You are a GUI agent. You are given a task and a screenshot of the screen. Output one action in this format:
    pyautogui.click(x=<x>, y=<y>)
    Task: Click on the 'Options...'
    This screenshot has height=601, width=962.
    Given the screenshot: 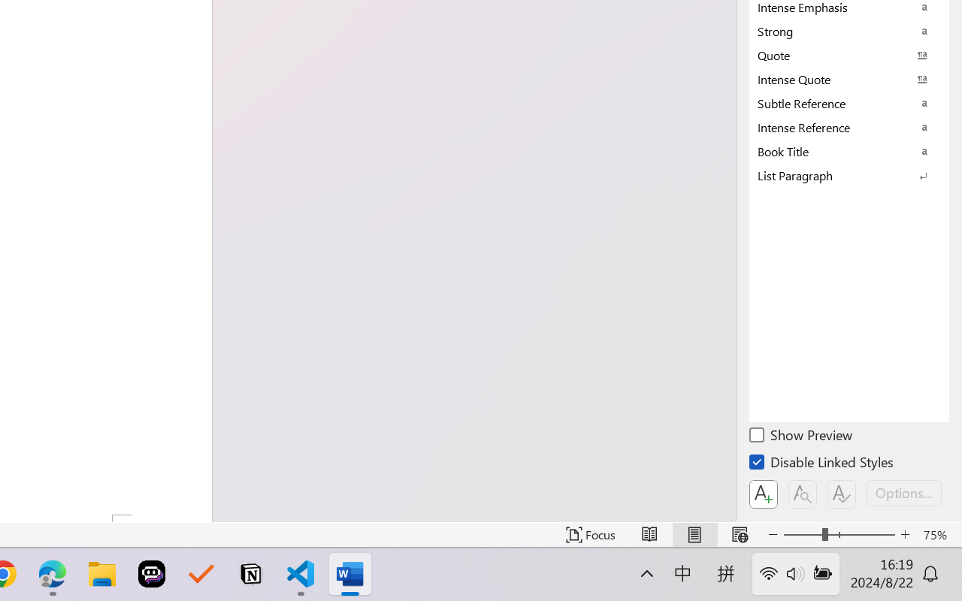 What is the action you would take?
    pyautogui.click(x=903, y=492)
    